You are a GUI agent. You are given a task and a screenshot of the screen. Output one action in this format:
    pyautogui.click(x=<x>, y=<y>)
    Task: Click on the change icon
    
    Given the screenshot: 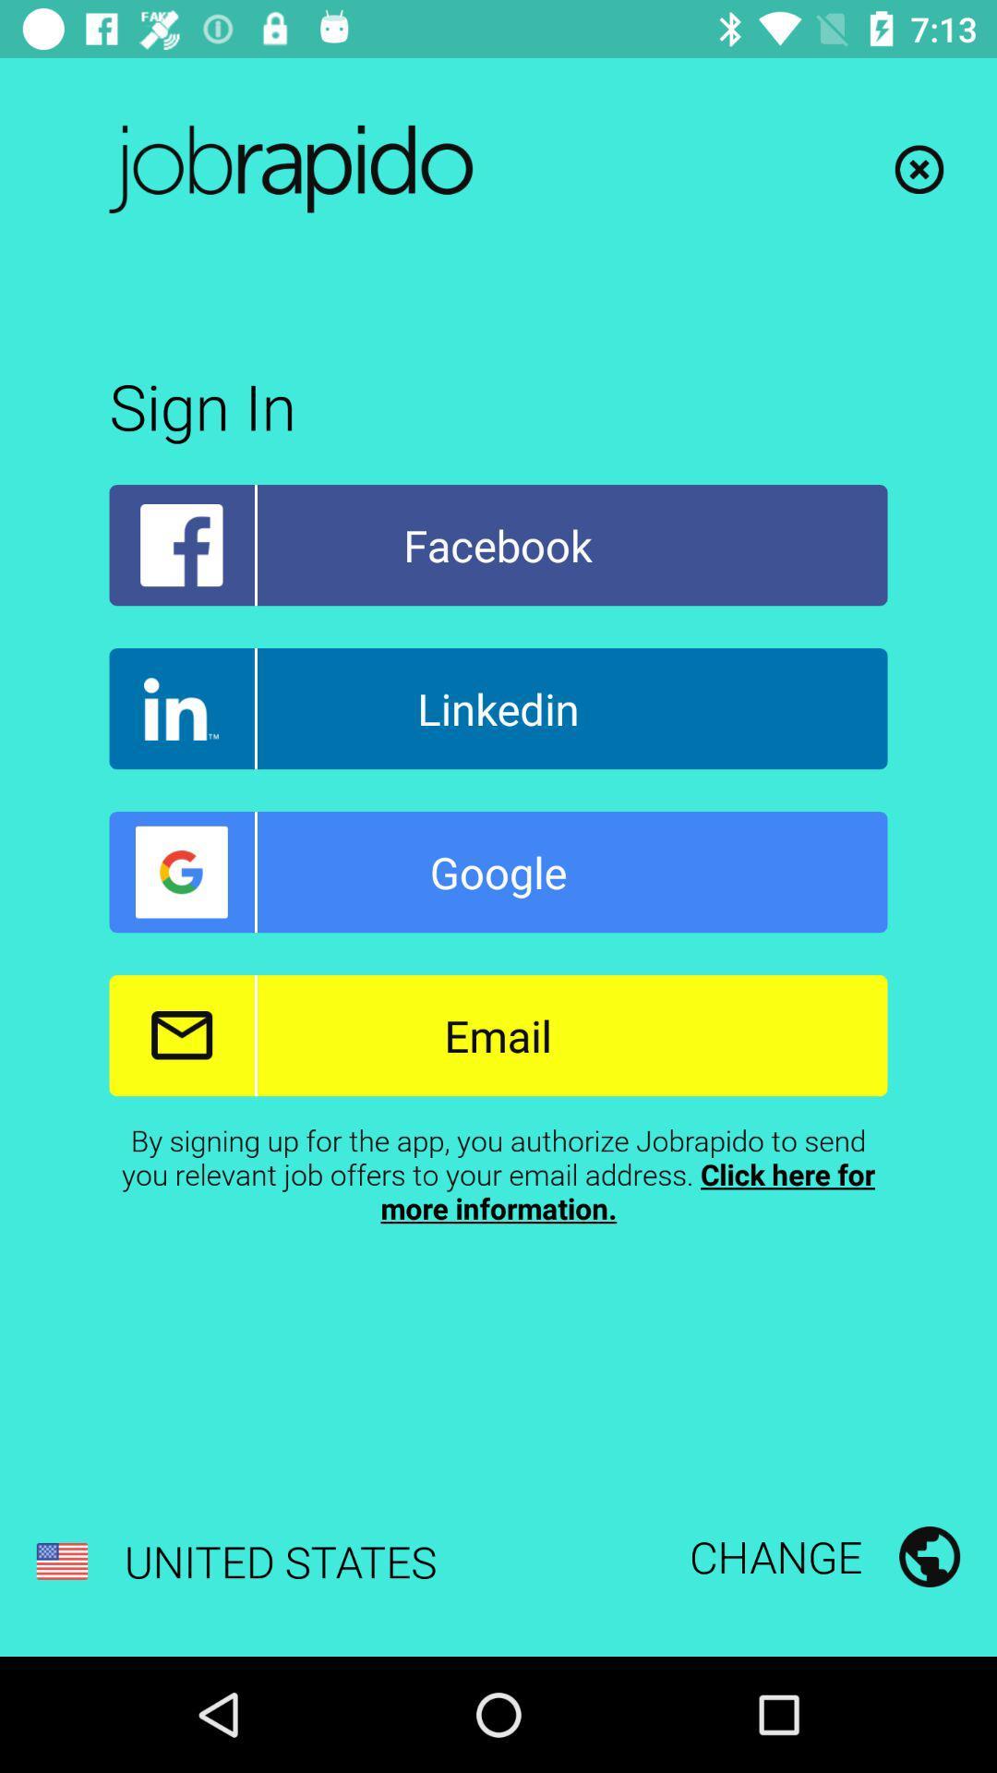 What is the action you would take?
    pyautogui.click(x=823, y=1555)
    